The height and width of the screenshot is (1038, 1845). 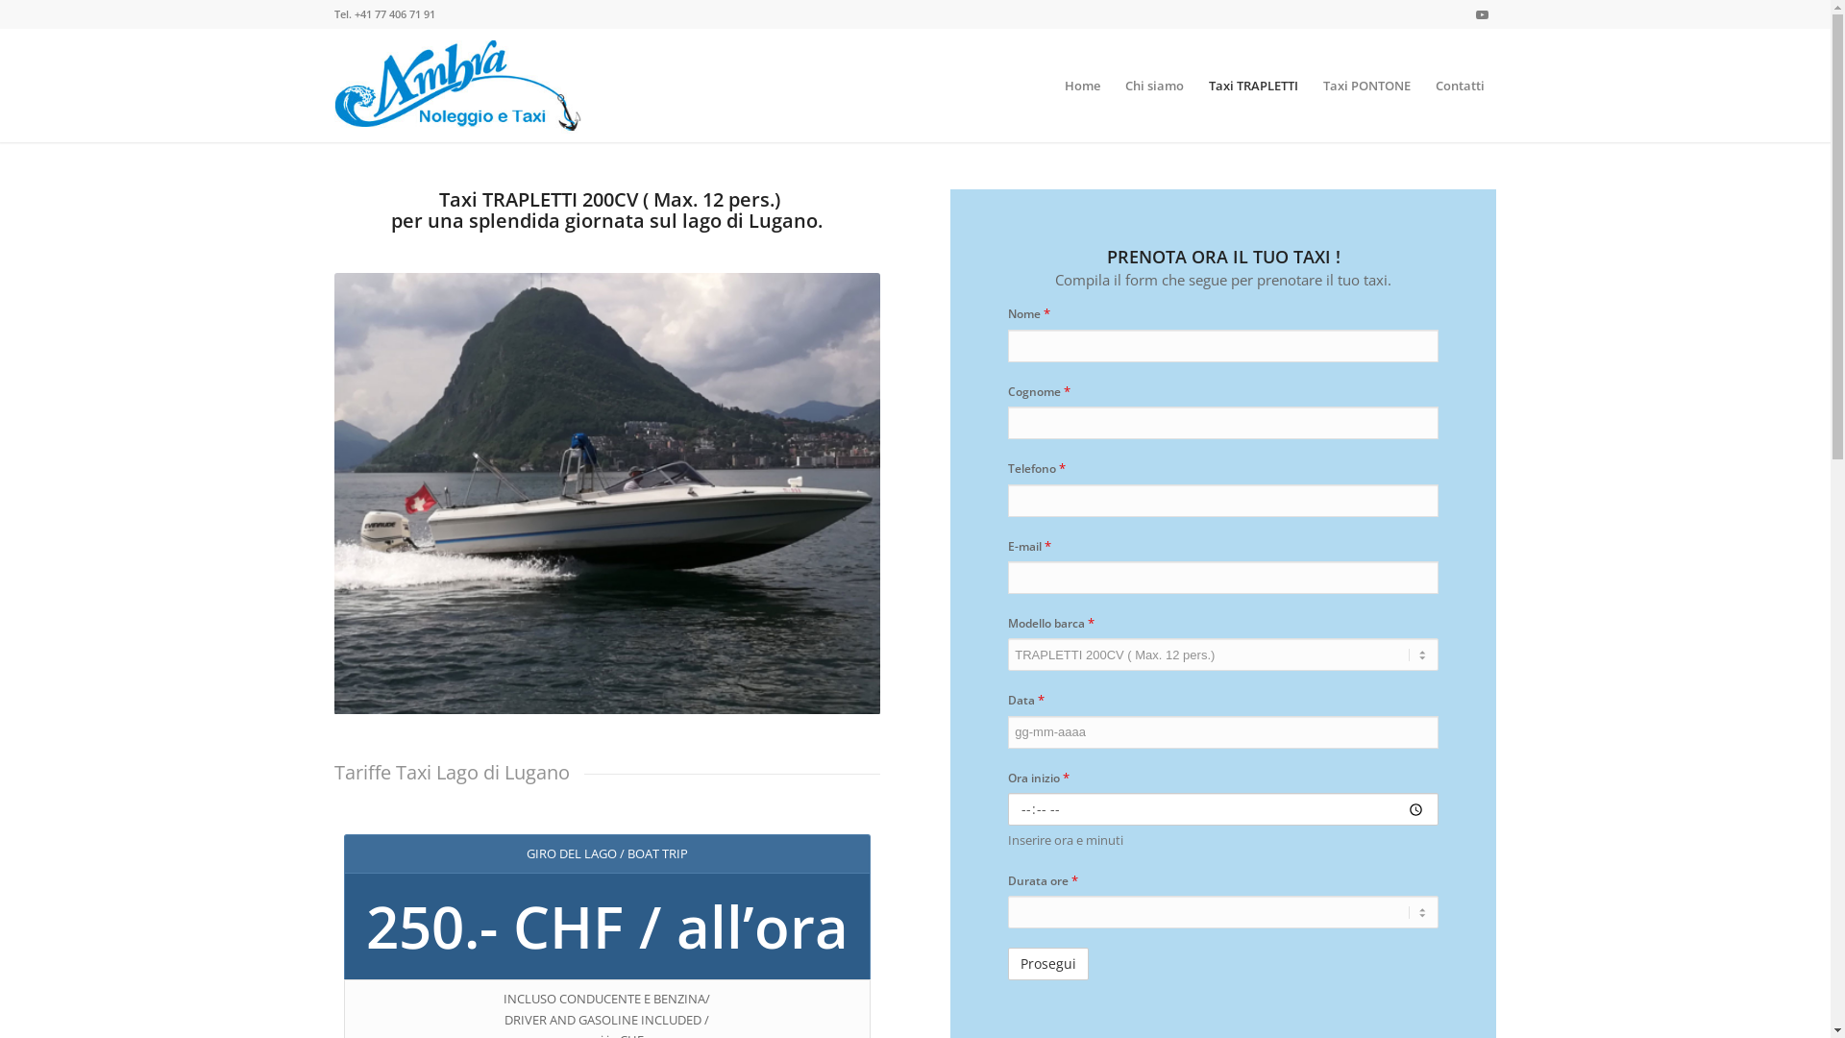 I want to click on 'Youtube', so click(x=1481, y=14).